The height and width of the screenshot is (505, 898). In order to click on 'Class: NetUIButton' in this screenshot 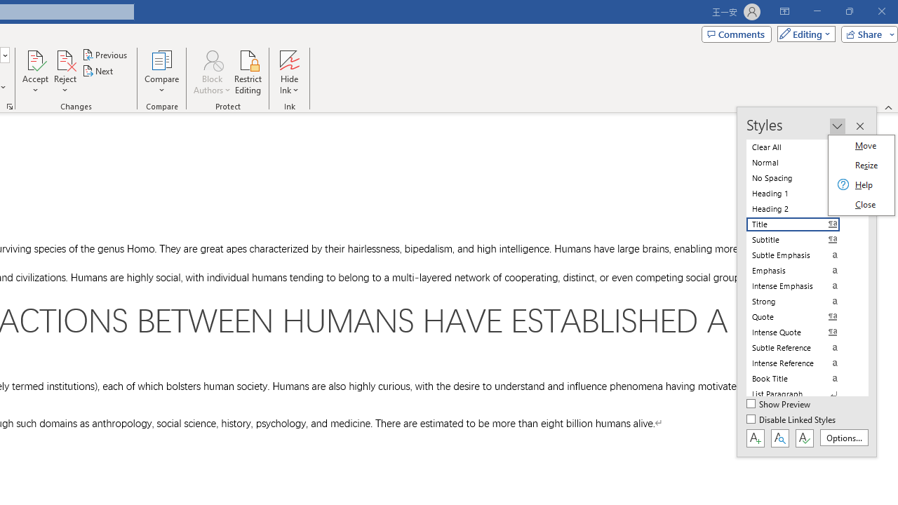, I will do `click(804, 437)`.